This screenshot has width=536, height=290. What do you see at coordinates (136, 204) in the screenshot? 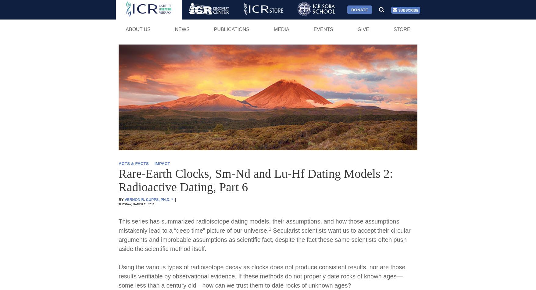
I see `'TUESDAY, MARCH 31, 2015'` at bounding box center [136, 204].